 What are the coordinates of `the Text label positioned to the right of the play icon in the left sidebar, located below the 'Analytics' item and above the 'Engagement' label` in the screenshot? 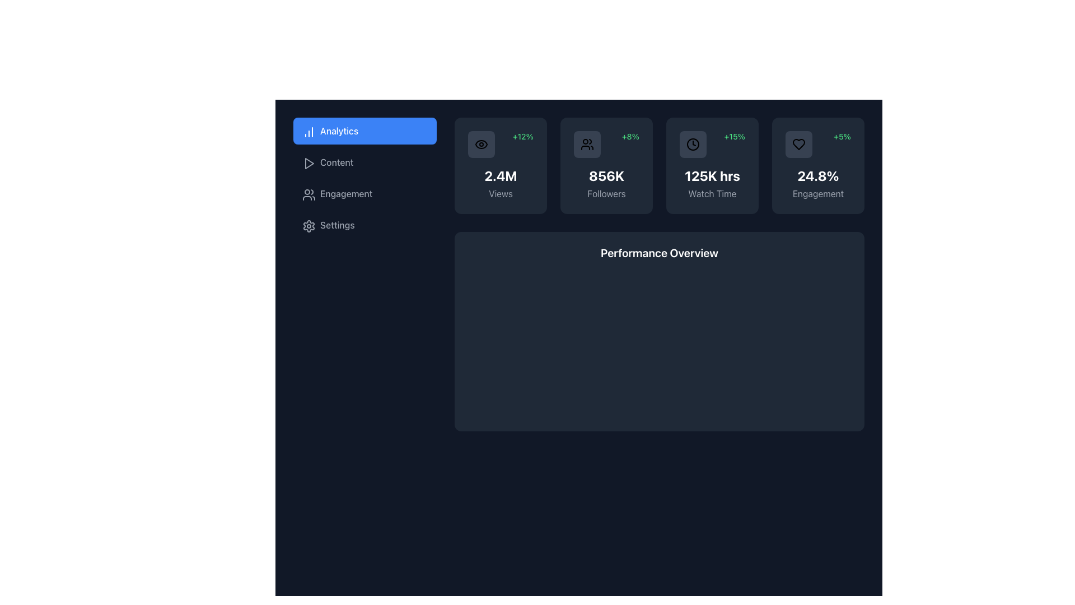 It's located at (336, 162).